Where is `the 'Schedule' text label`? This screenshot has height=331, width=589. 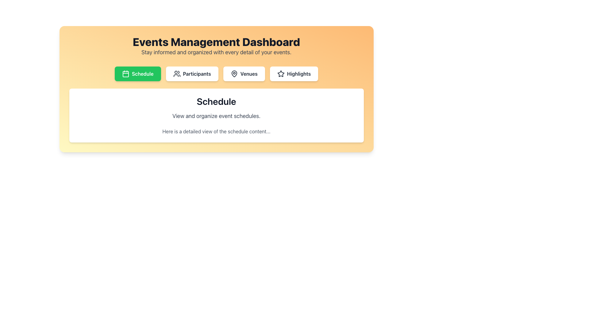
the 'Schedule' text label is located at coordinates (142, 73).